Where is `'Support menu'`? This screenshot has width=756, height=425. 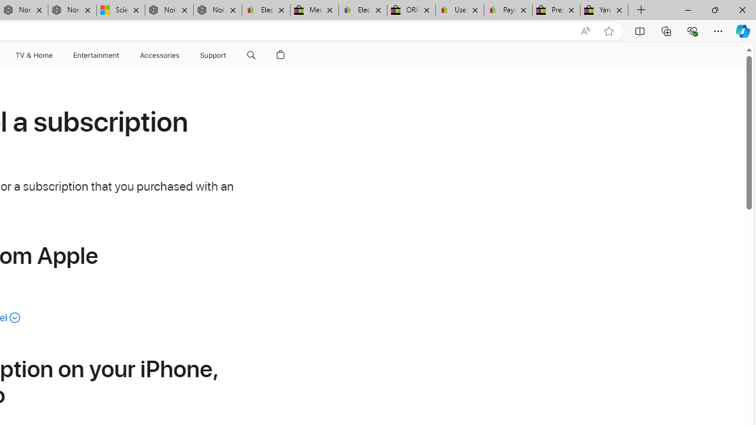
'Support menu' is located at coordinates (229, 55).